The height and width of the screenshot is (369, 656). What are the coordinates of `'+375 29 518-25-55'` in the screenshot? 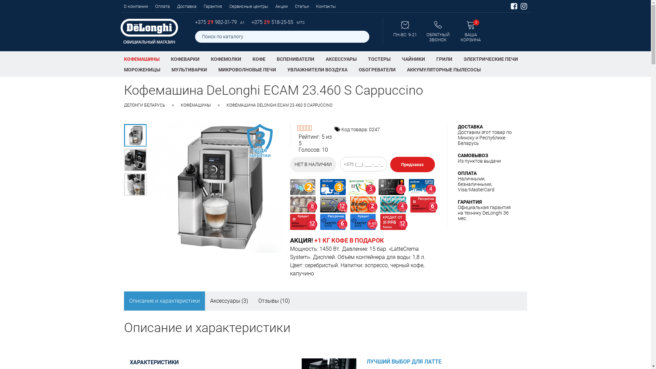 It's located at (272, 22).